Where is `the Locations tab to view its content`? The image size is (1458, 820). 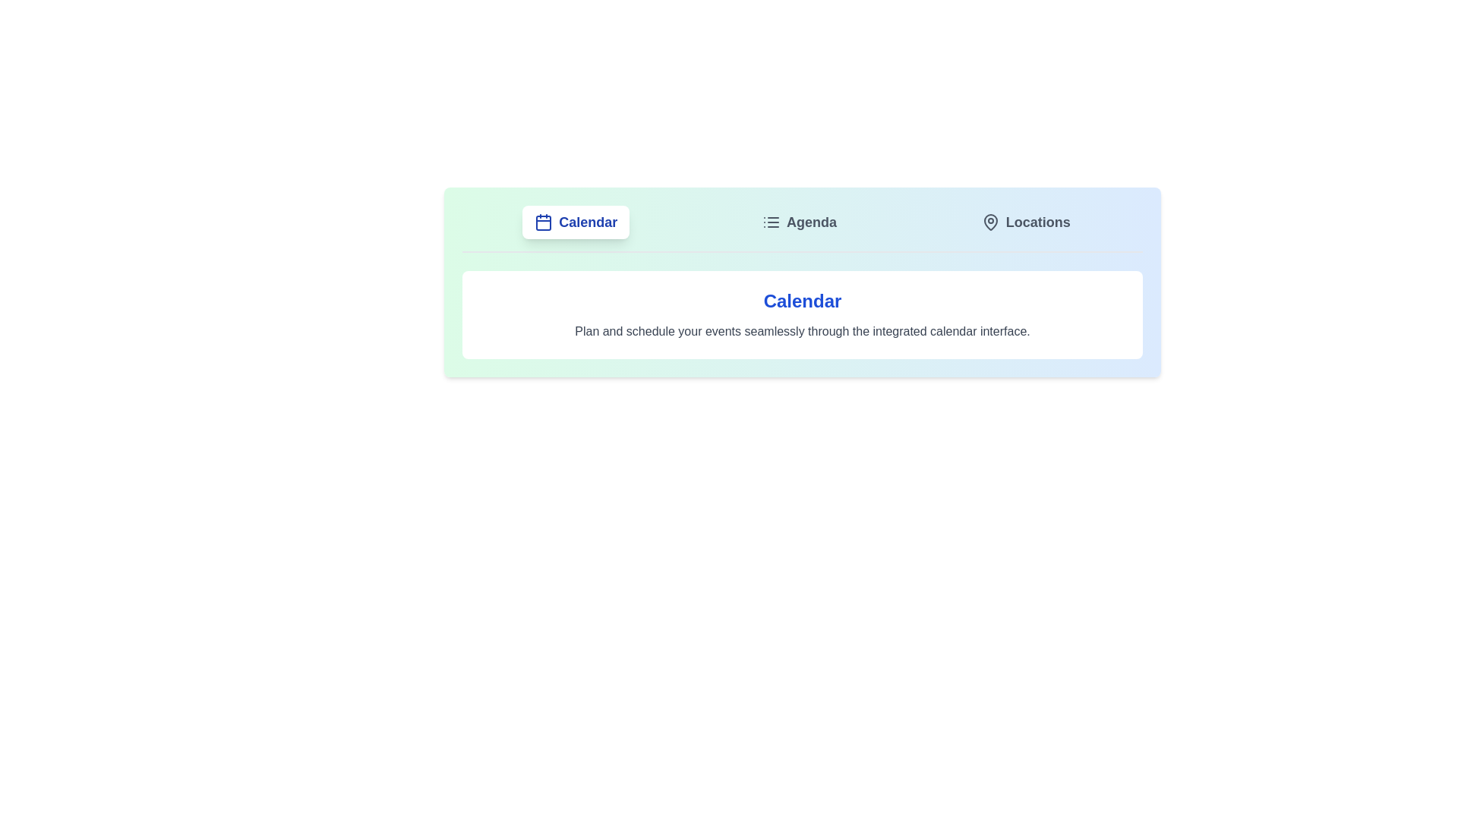
the Locations tab to view its content is located at coordinates (1026, 222).